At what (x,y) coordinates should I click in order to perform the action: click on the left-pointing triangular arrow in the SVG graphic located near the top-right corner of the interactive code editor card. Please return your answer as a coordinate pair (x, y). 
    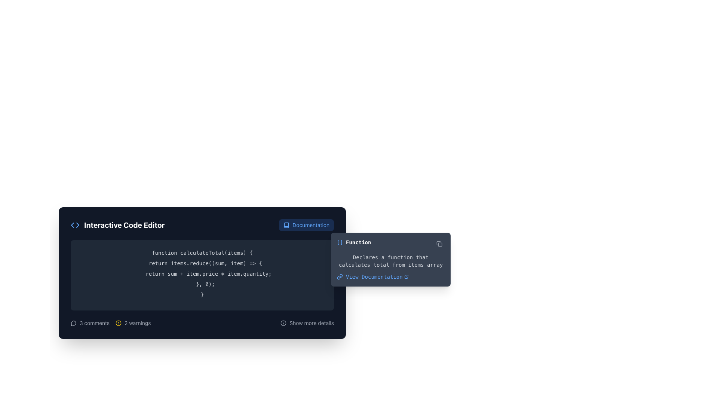
    Looking at the image, I should click on (72, 224).